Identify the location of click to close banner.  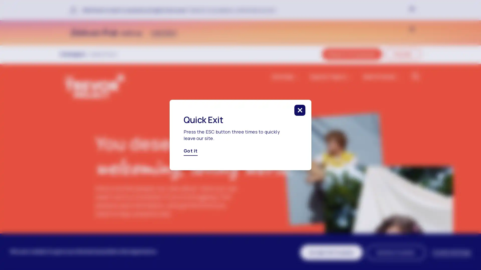
(412, 9).